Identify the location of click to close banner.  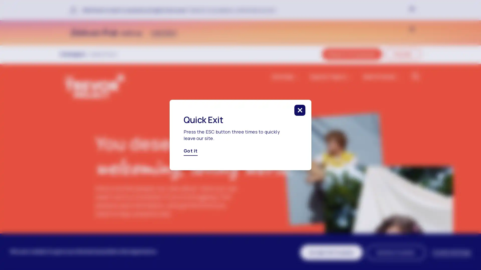
(412, 9).